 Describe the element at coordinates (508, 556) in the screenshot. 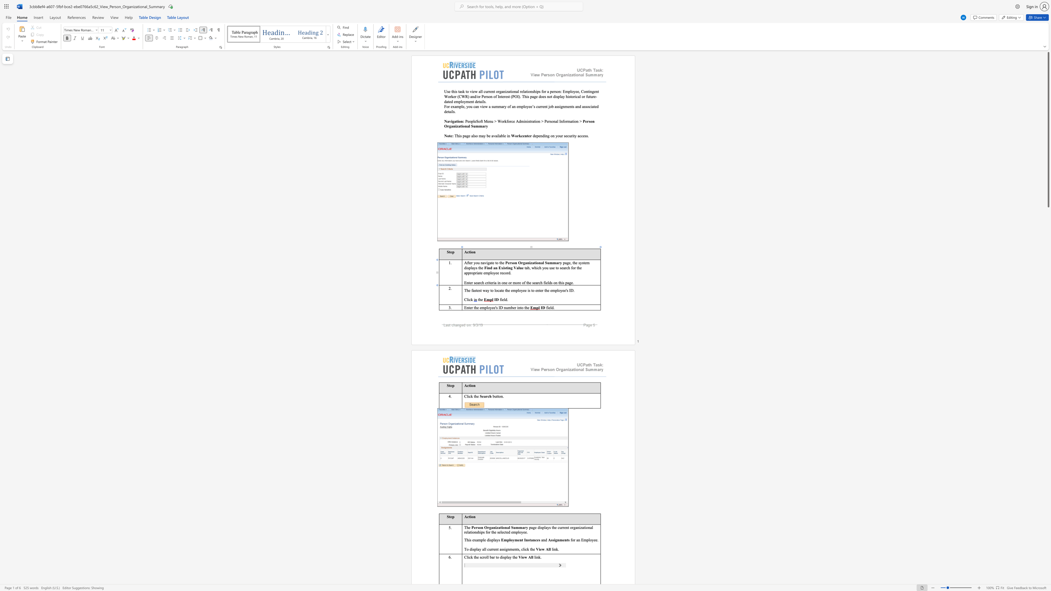

I see `the space between the continuous character "l" and "a" in the text` at that location.